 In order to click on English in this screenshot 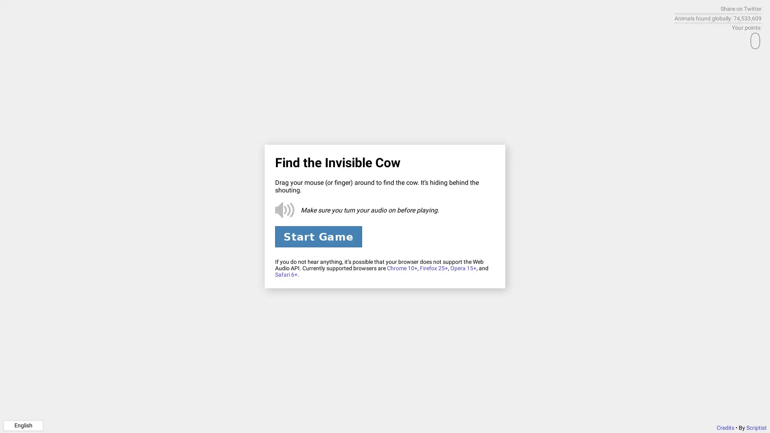, I will do `click(23, 425)`.